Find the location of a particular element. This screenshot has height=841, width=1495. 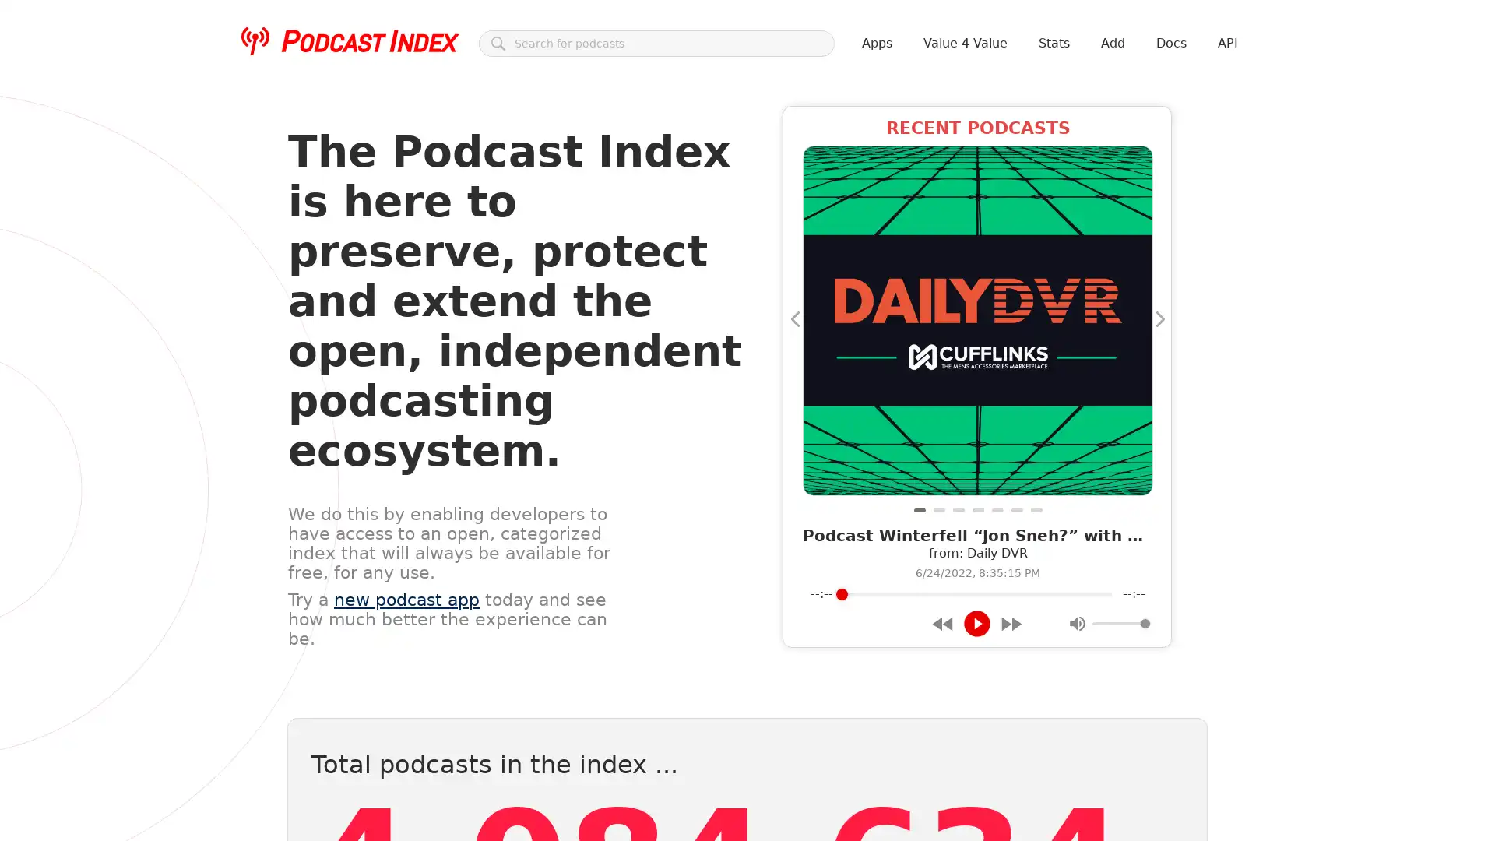

Podcast Winterfell Jon Sneh? with Matt Murdick is located at coordinates (919, 510).